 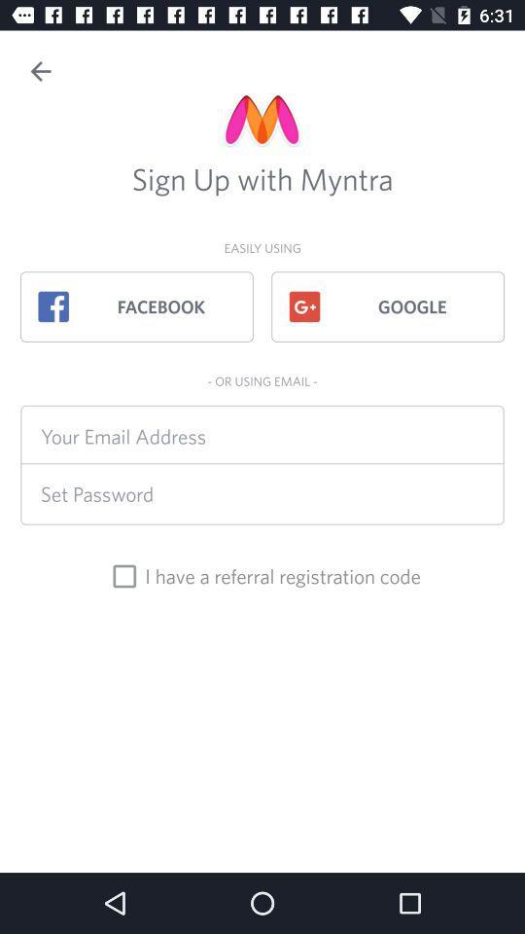 I want to click on the arrow_backward icon, so click(x=41, y=71).